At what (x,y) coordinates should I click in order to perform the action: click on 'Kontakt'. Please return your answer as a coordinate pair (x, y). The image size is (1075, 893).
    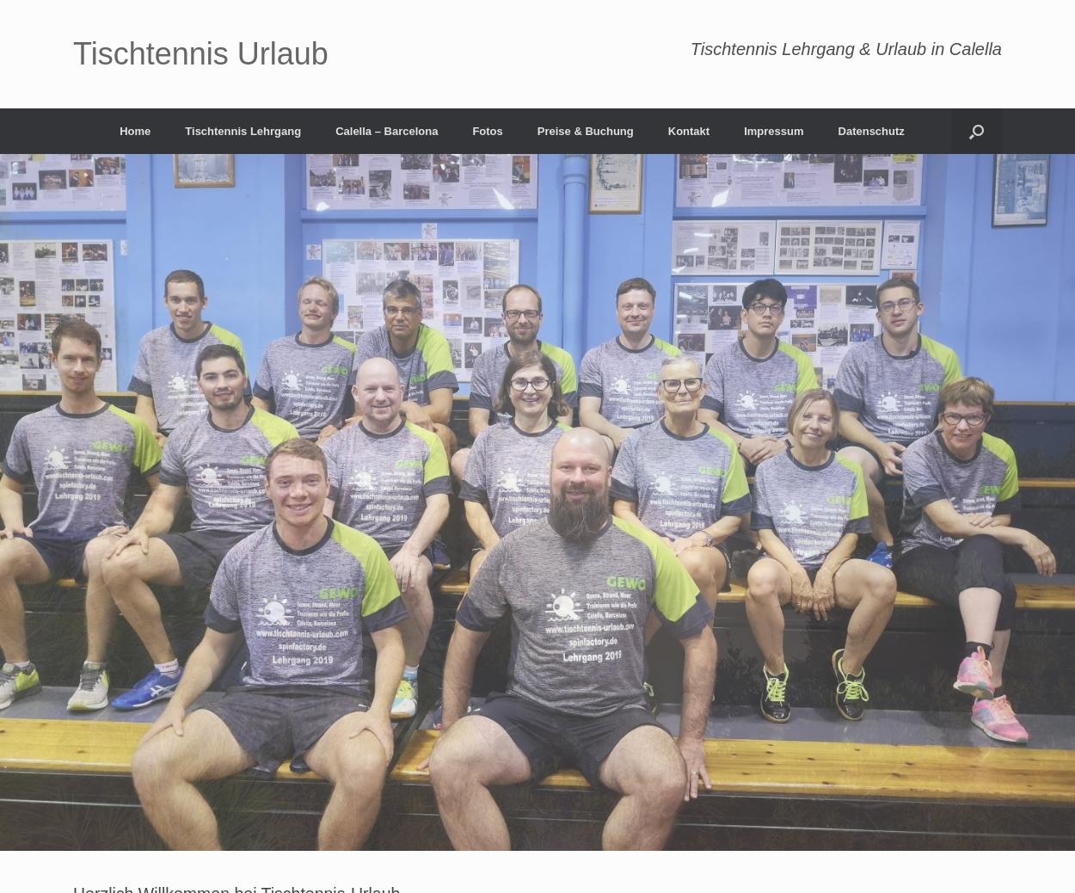
    Looking at the image, I should click on (688, 130).